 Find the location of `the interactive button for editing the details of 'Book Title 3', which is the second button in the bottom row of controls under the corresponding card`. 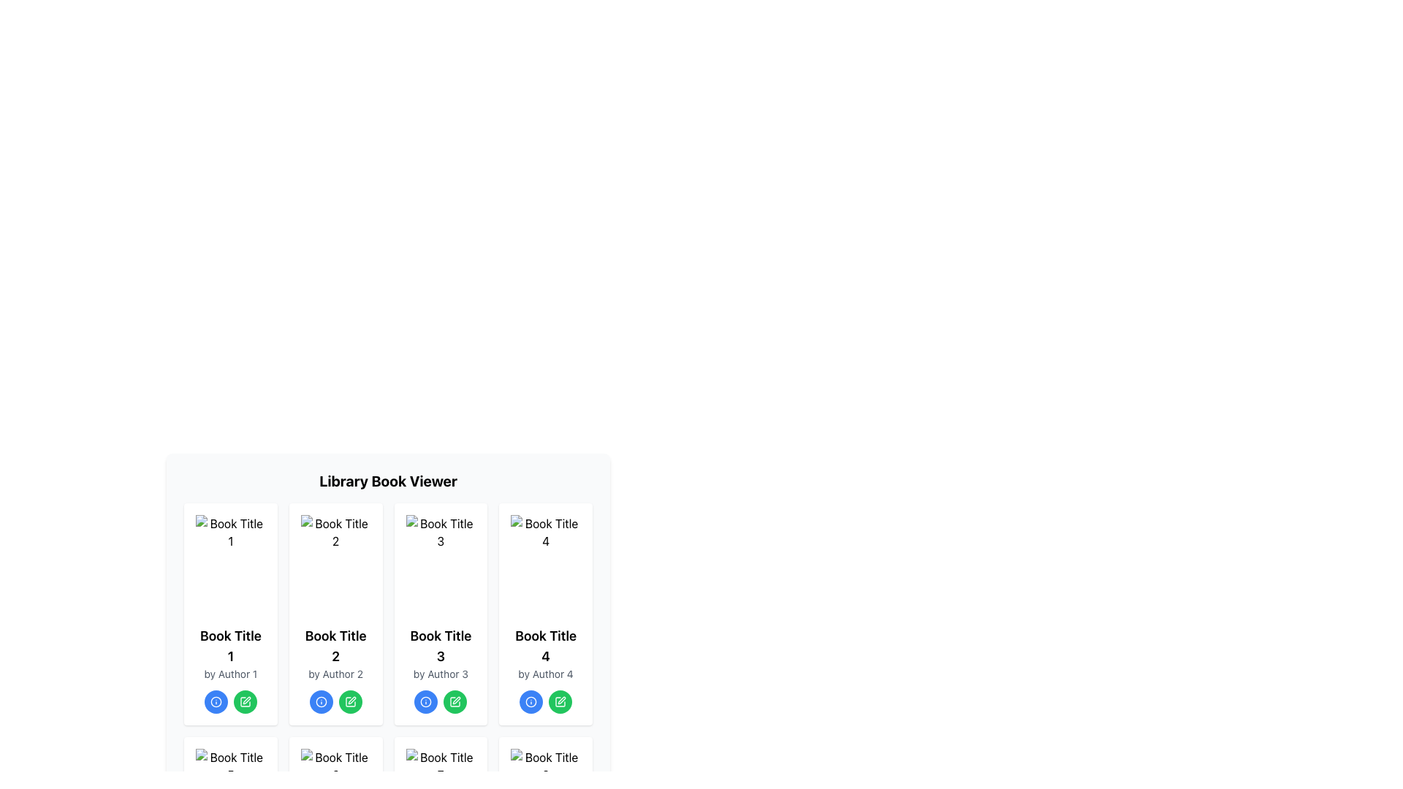

the interactive button for editing the details of 'Book Title 3', which is the second button in the bottom row of controls under the corresponding card is located at coordinates (455, 701).